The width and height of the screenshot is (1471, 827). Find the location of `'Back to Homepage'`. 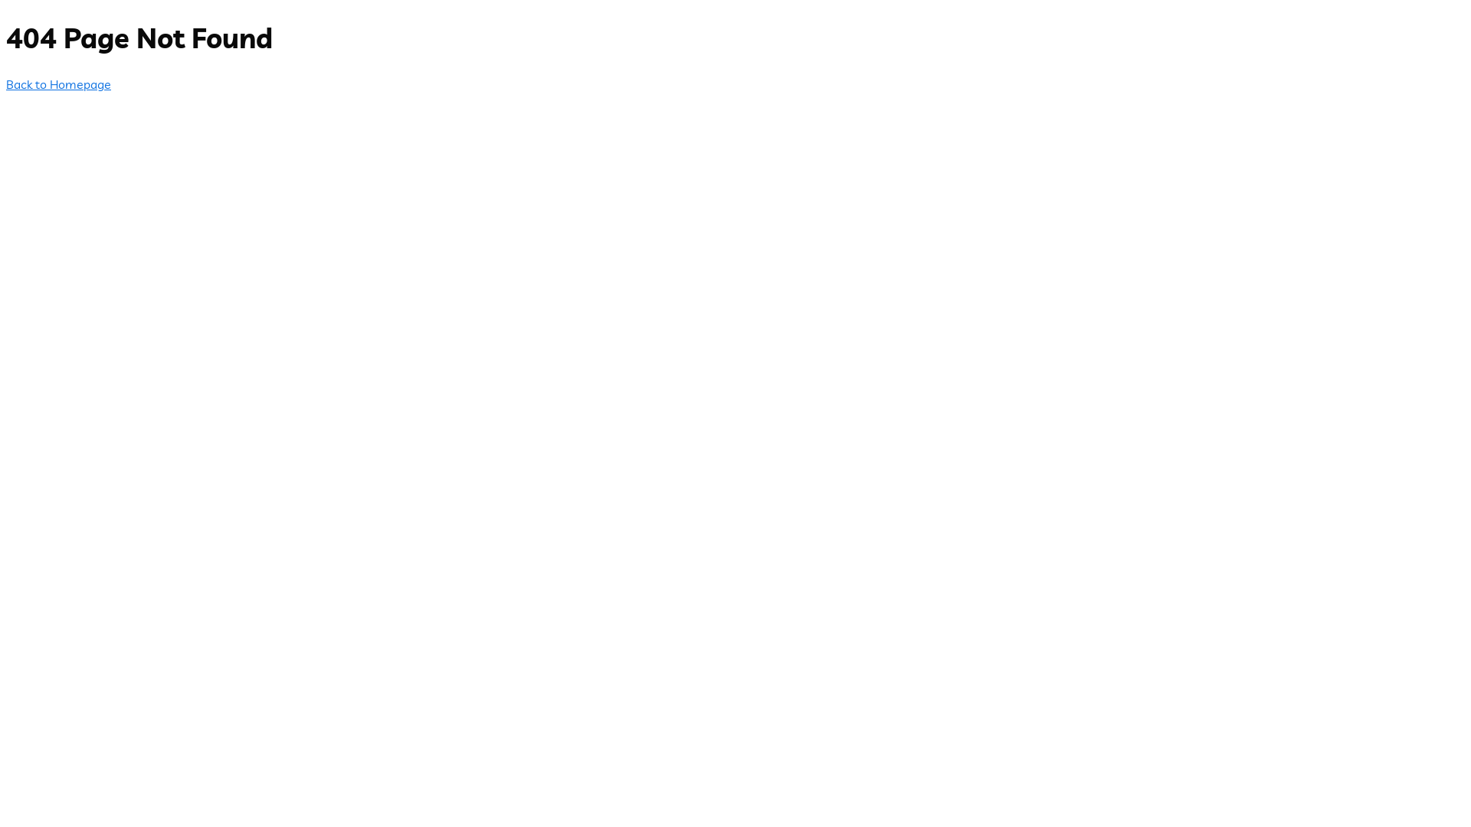

'Back to Homepage' is located at coordinates (58, 84).